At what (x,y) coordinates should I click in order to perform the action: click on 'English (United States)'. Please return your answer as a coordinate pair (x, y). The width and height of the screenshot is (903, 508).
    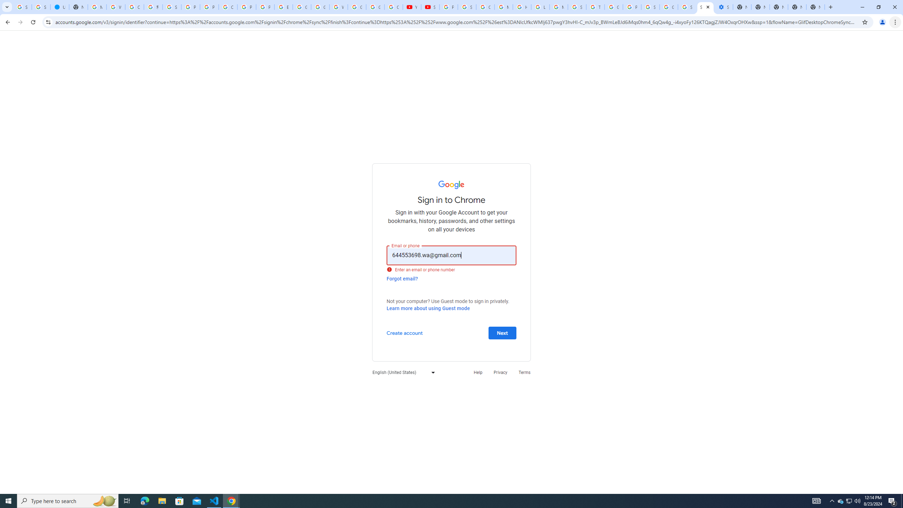
    Looking at the image, I should click on (401, 372).